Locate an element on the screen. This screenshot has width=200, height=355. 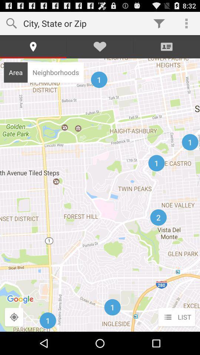
the app to the right of the city state or icon is located at coordinates (159, 23).